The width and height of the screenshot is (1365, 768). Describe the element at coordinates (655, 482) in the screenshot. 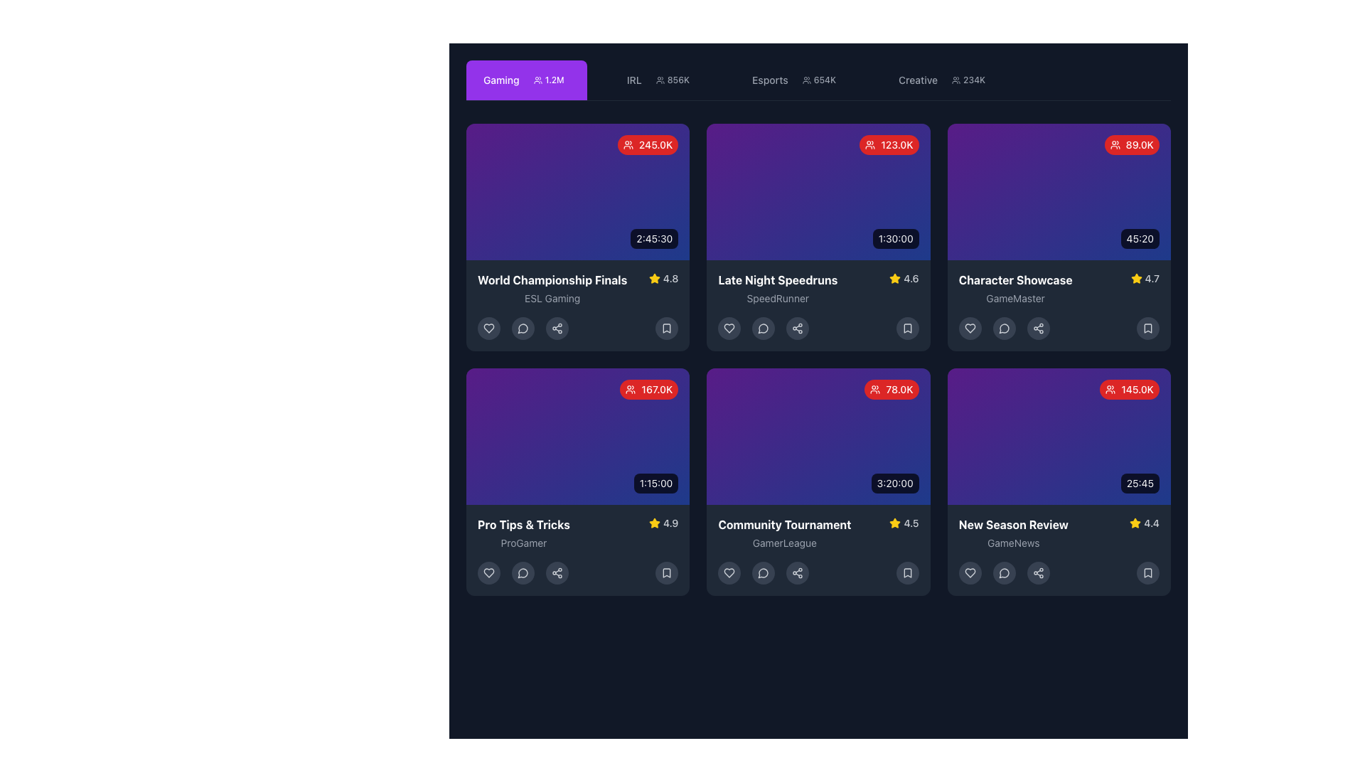

I see `the label displaying the duration of the video or event in the bottom-right corner of the 'Pro Tips & Tricks' card` at that location.